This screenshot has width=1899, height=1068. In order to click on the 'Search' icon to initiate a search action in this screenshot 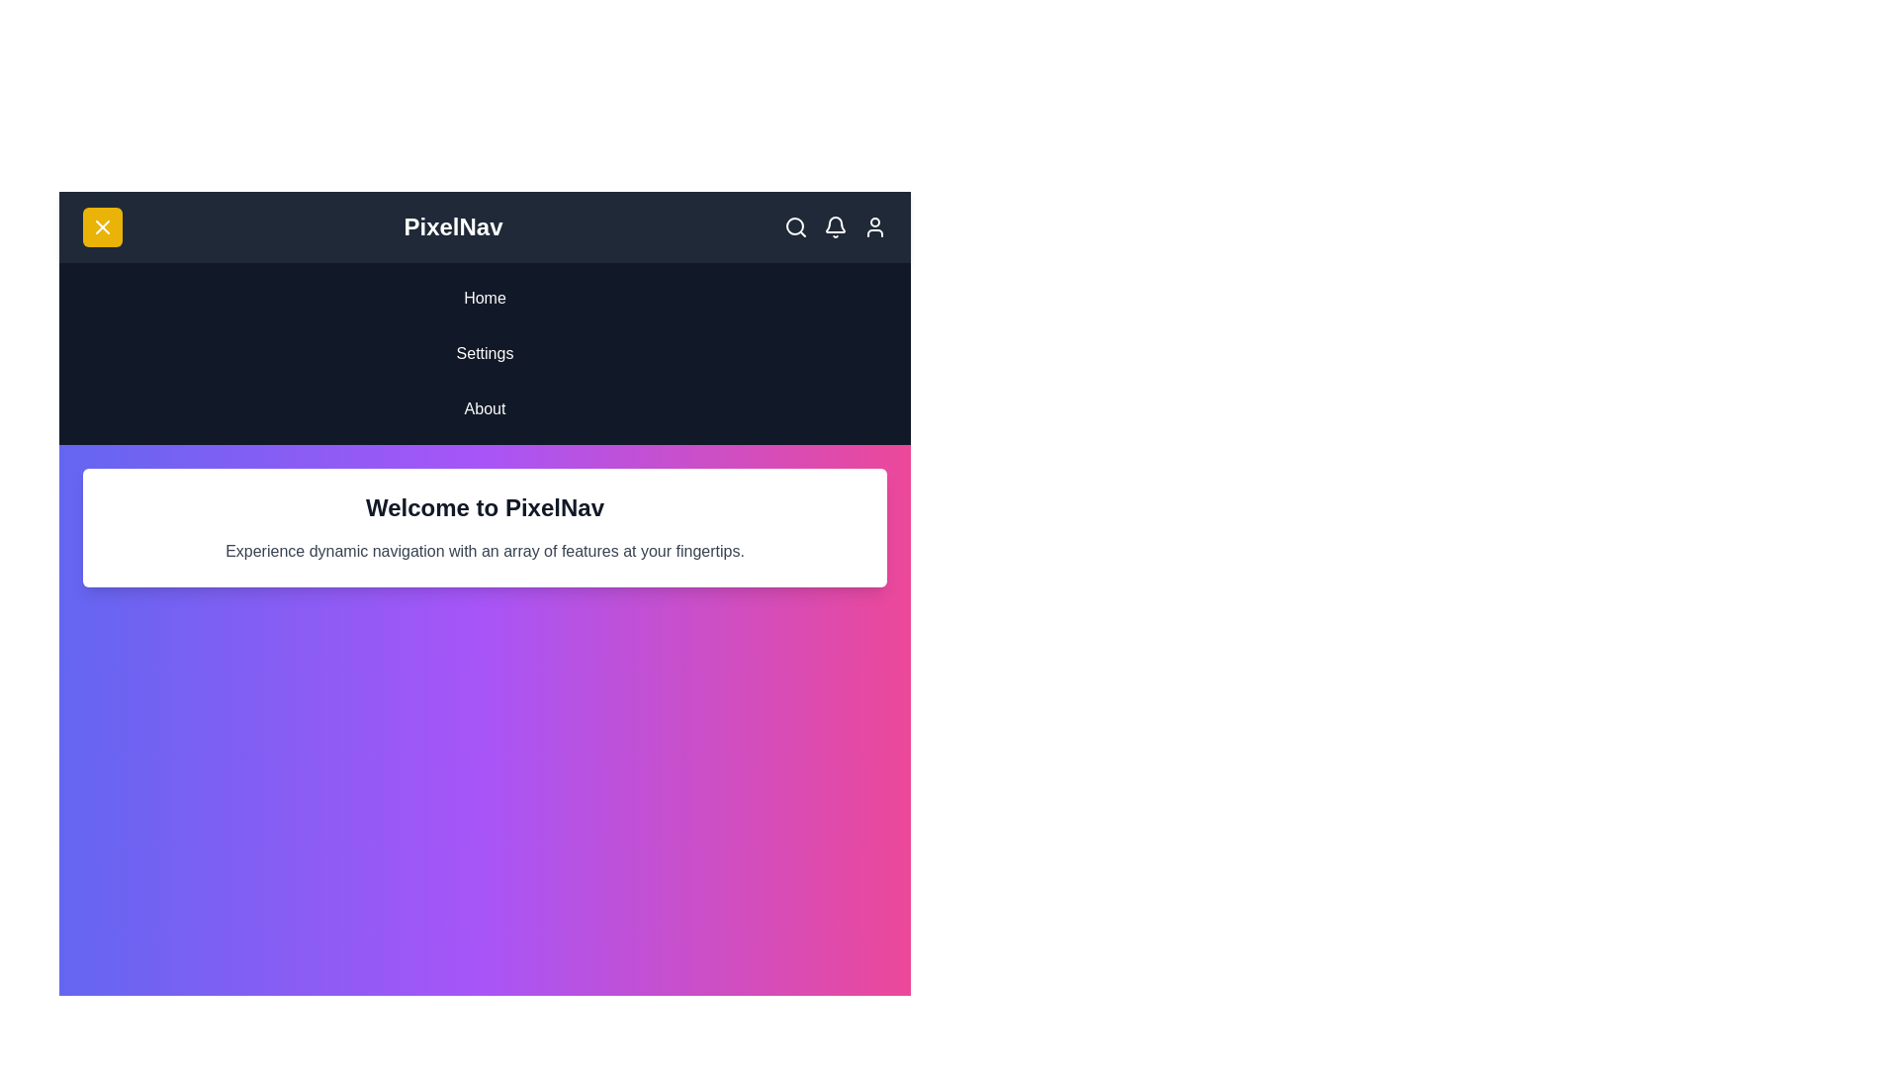, I will do `click(796, 226)`.